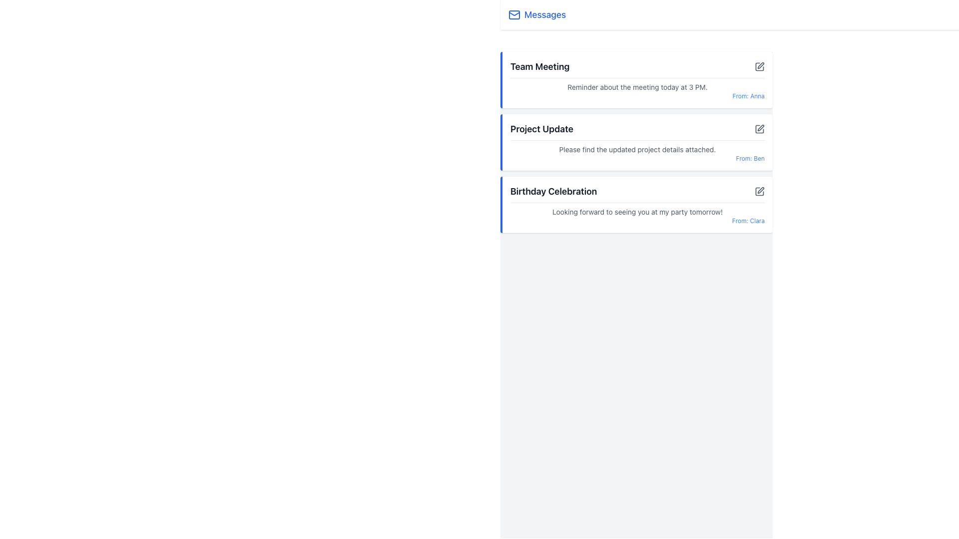 Image resolution: width=959 pixels, height=539 pixels. Describe the element at coordinates (760, 65) in the screenshot. I see `the edit icon located in the top-right corner of the first message card in a vertical list of three cards, indicating the option to modify or edit the message content` at that location.